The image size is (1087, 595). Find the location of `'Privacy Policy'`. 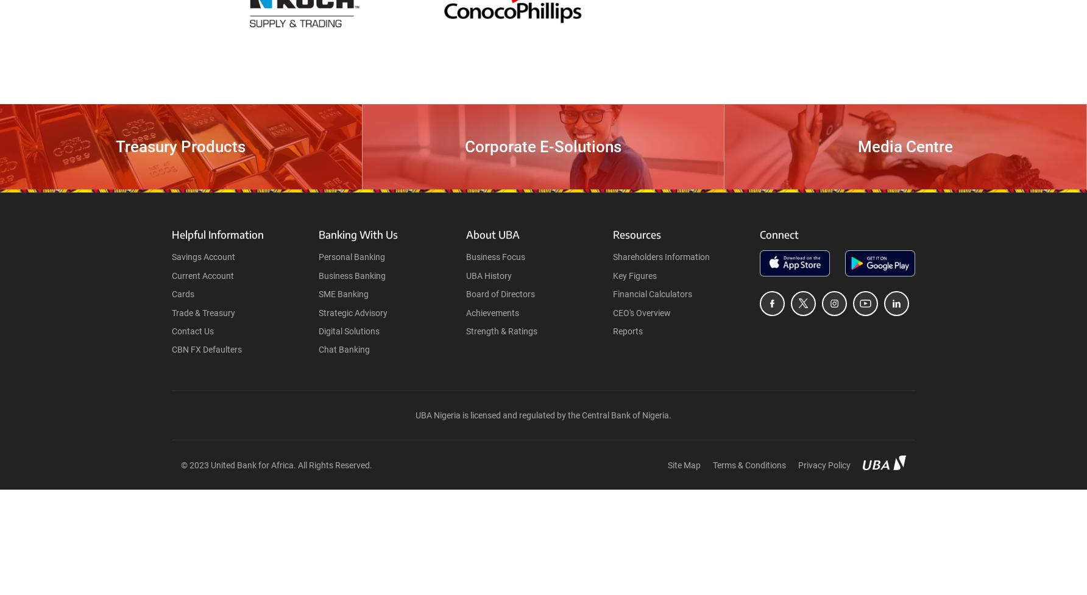

'Privacy Policy' is located at coordinates (824, 465).